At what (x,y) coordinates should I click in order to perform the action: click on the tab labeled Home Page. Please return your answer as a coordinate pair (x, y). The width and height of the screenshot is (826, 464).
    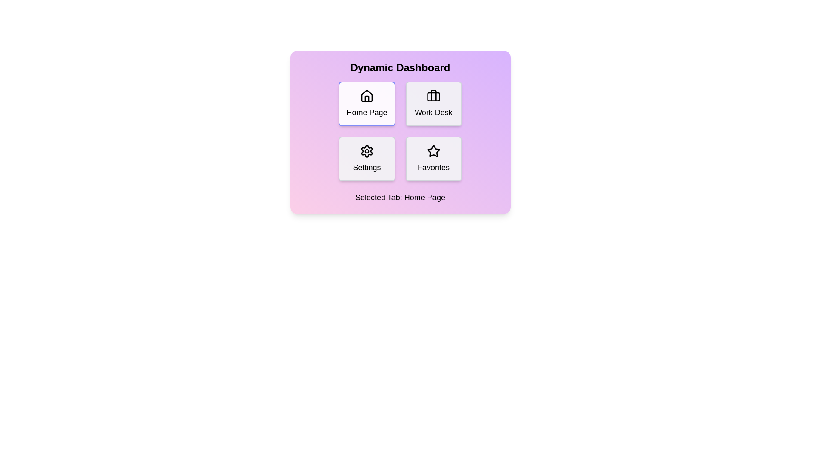
    Looking at the image, I should click on (367, 104).